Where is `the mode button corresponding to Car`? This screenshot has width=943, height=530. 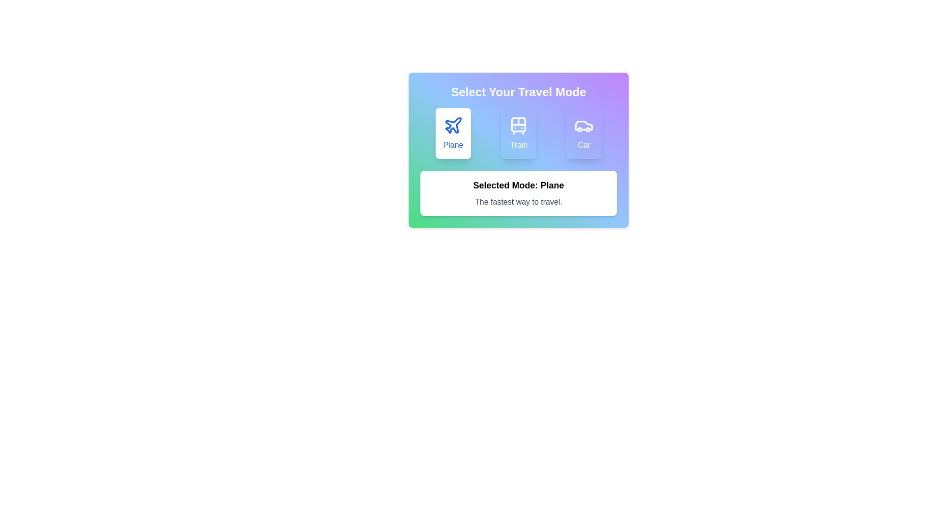 the mode button corresponding to Car is located at coordinates (584, 133).